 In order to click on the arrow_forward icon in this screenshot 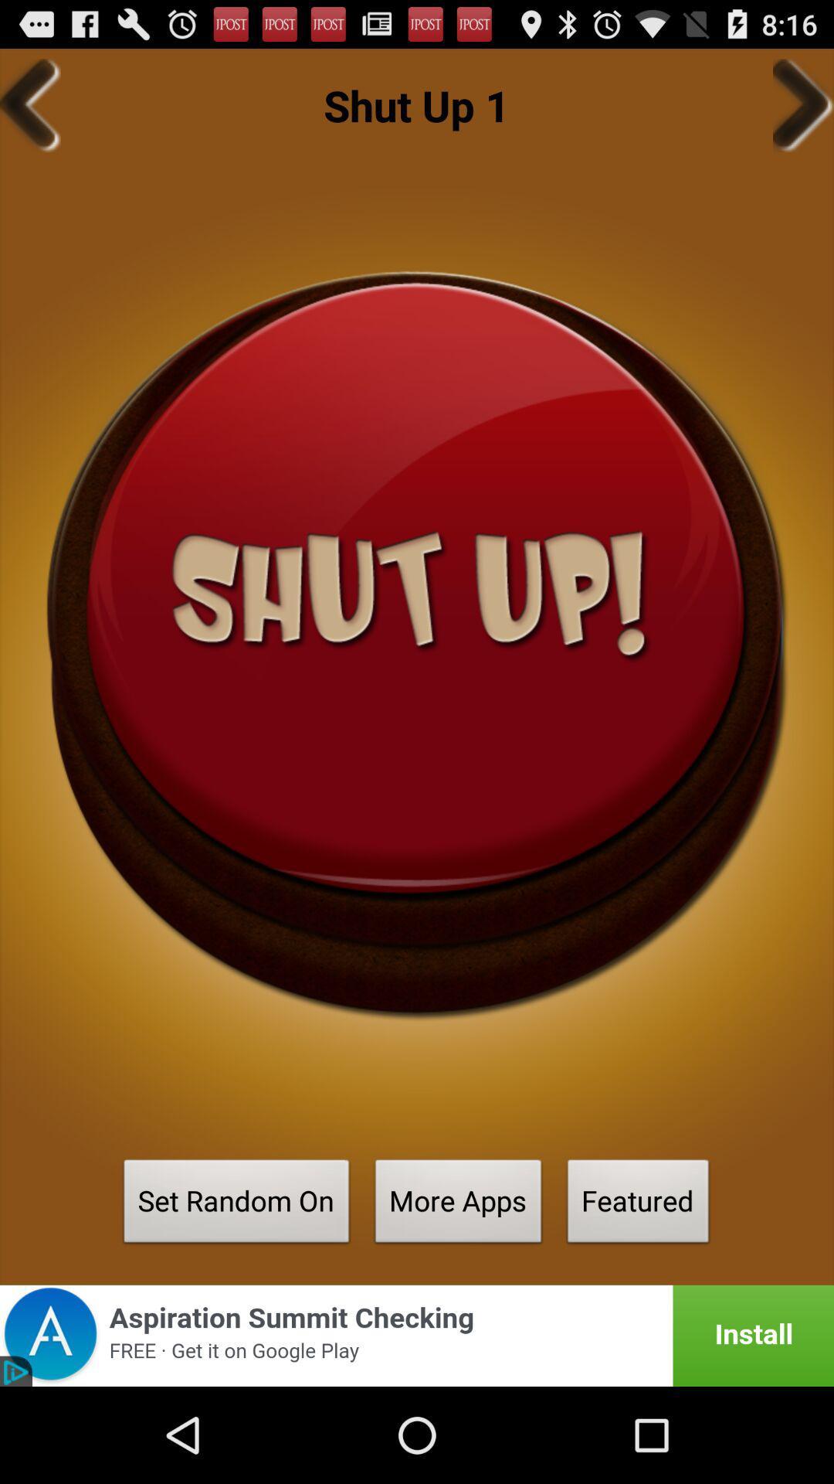, I will do `click(802, 112)`.